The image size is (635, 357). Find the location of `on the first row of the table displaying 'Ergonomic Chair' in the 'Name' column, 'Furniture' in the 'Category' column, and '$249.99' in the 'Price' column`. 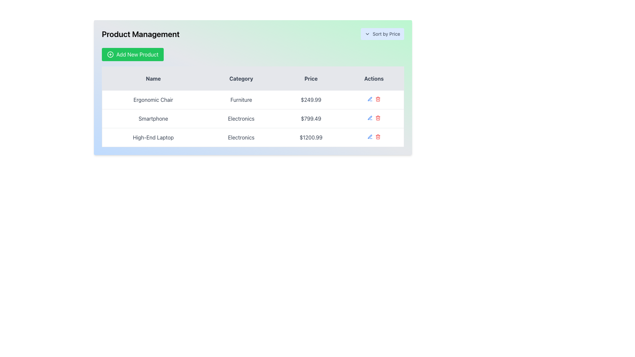

on the first row of the table displaying 'Ergonomic Chair' in the 'Name' column, 'Furniture' in the 'Category' column, and '$249.99' in the 'Price' column is located at coordinates (252, 99).